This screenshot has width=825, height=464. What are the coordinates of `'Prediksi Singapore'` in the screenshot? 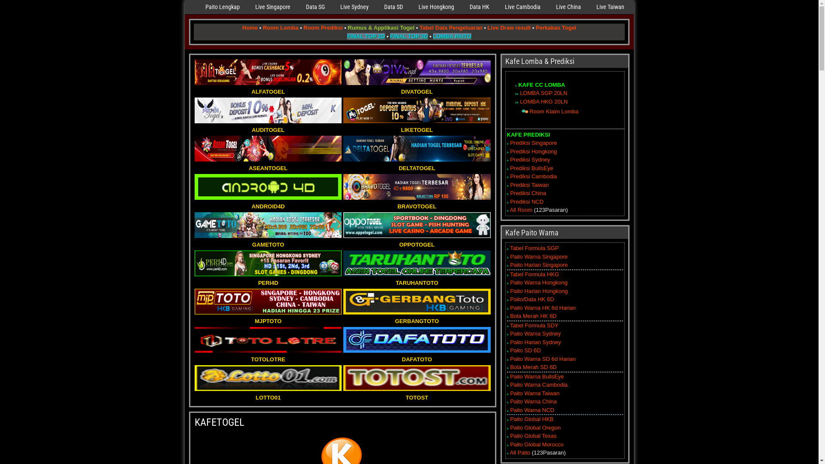 It's located at (533, 142).